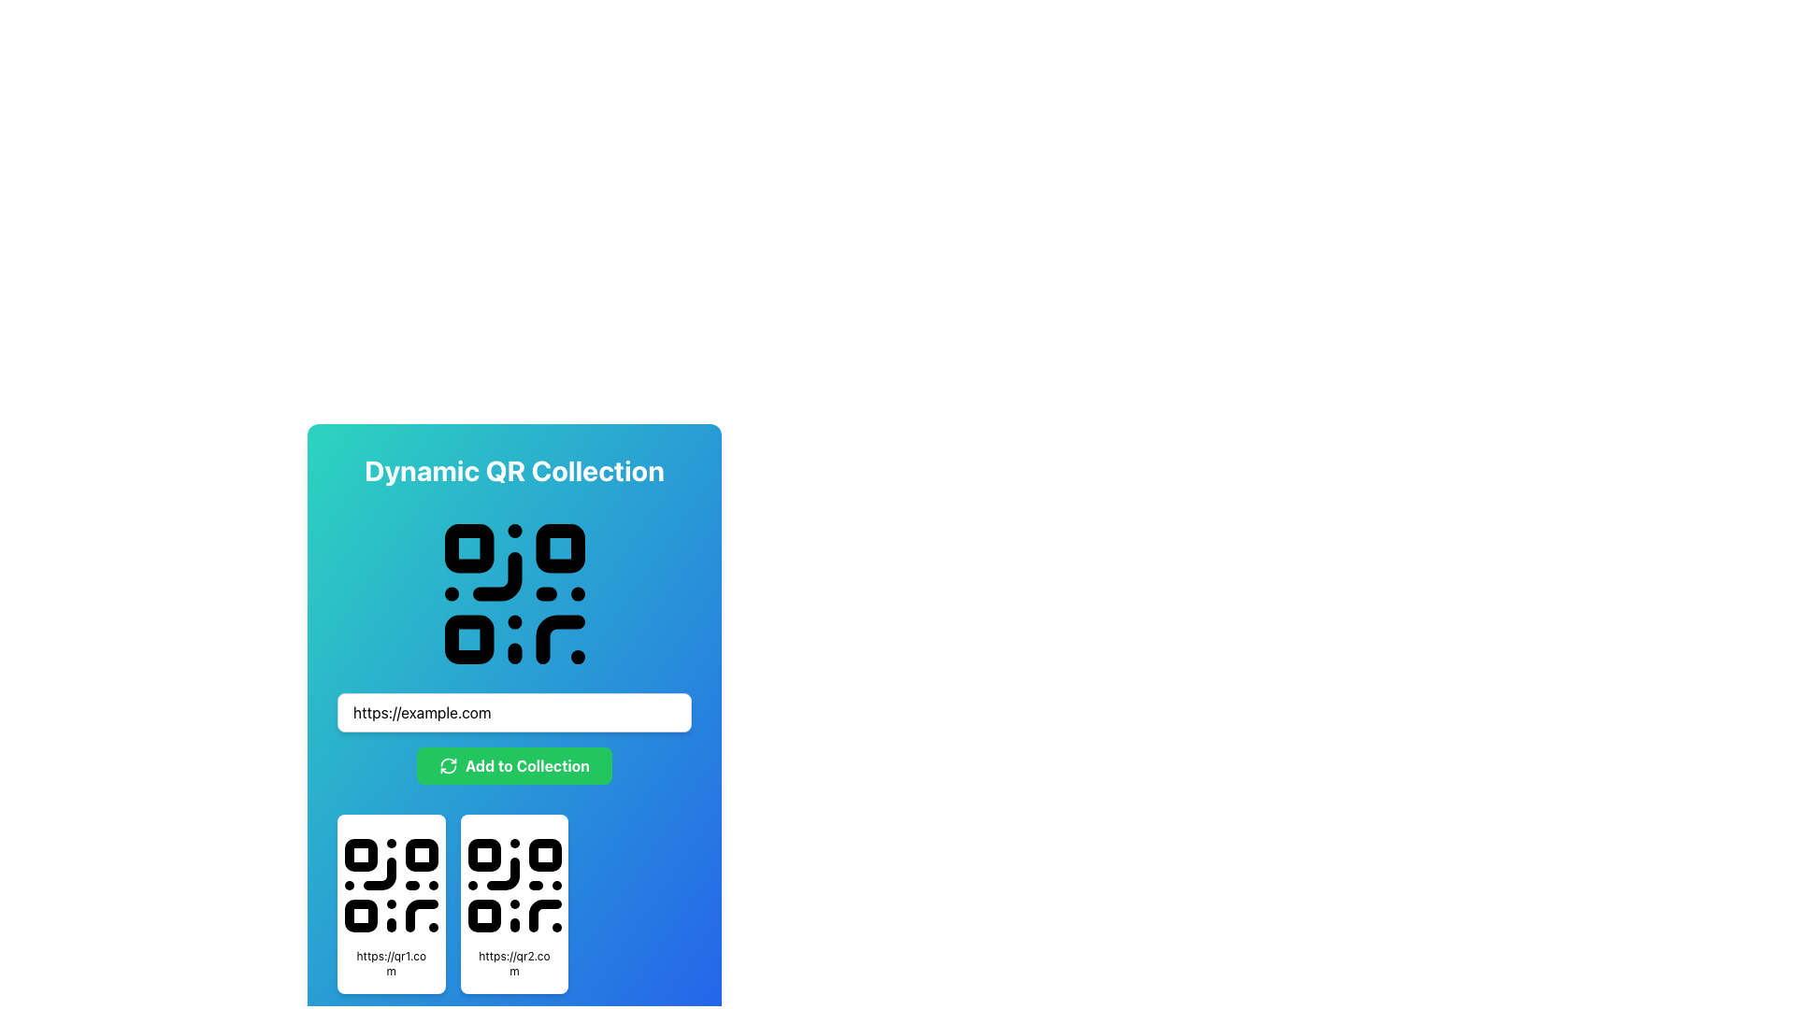 This screenshot has width=1795, height=1009. Describe the element at coordinates (543, 854) in the screenshot. I see `the small, square-shaped decorative graphical component with rounded corners, which is the second square from the left in the top row of the QR code grid in the 'Dynamic QR Collection' section` at that location.